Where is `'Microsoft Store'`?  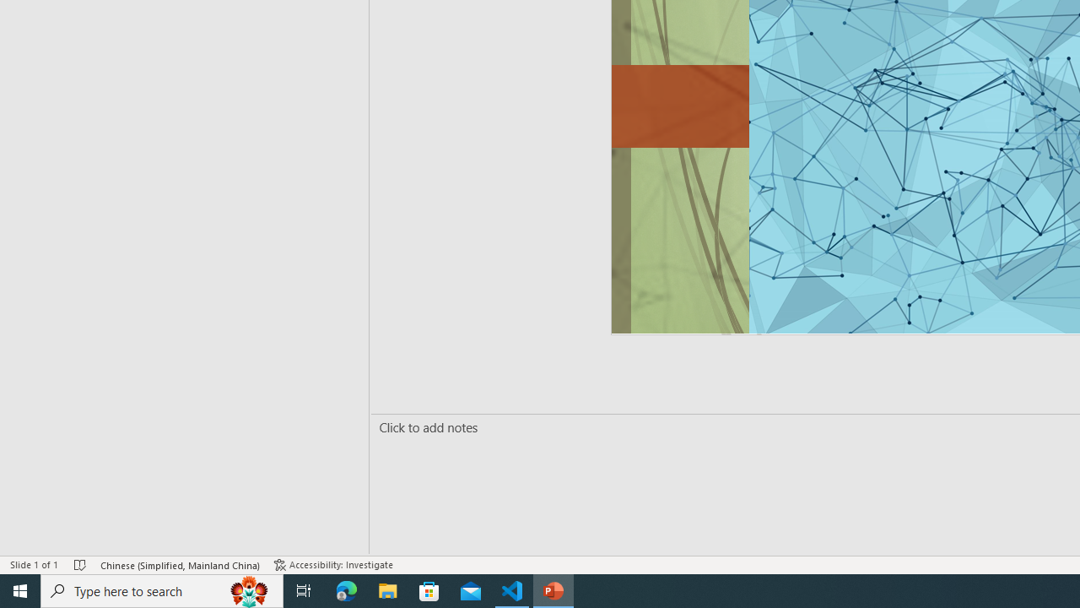
'Microsoft Store' is located at coordinates (429, 589).